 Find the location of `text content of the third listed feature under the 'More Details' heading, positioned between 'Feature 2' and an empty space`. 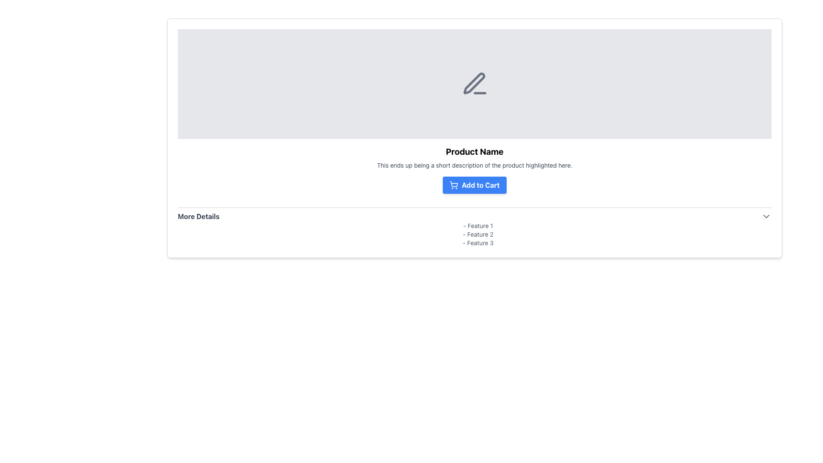

text content of the third listed feature under the 'More Details' heading, positioned between 'Feature 2' and an empty space is located at coordinates (478, 243).